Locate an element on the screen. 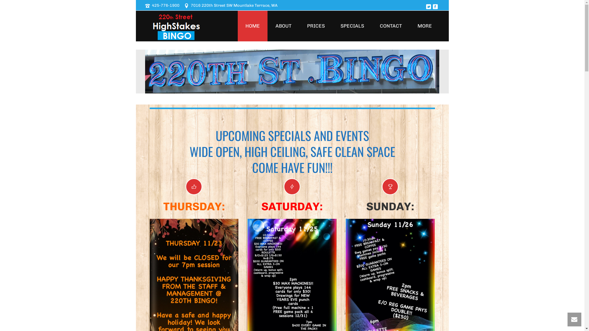 The width and height of the screenshot is (589, 331). 'HOME' is located at coordinates (252, 25).